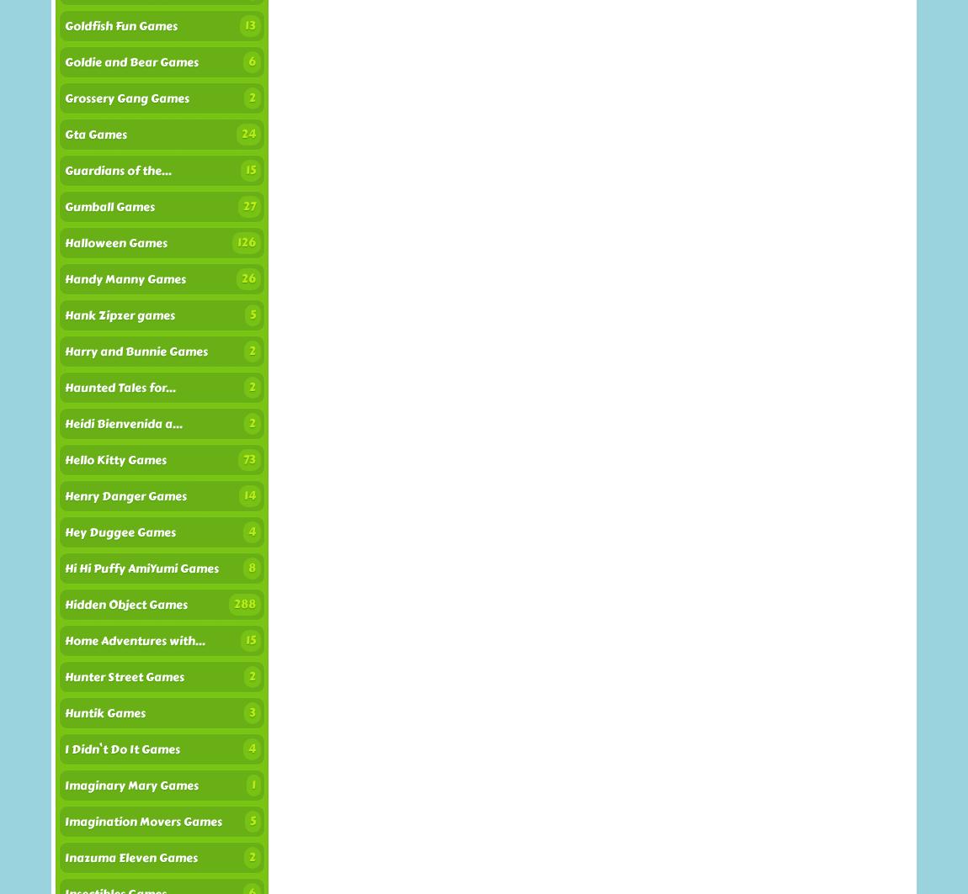 The height and width of the screenshot is (894, 968). Describe the element at coordinates (253, 711) in the screenshot. I see `'3'` at that location.